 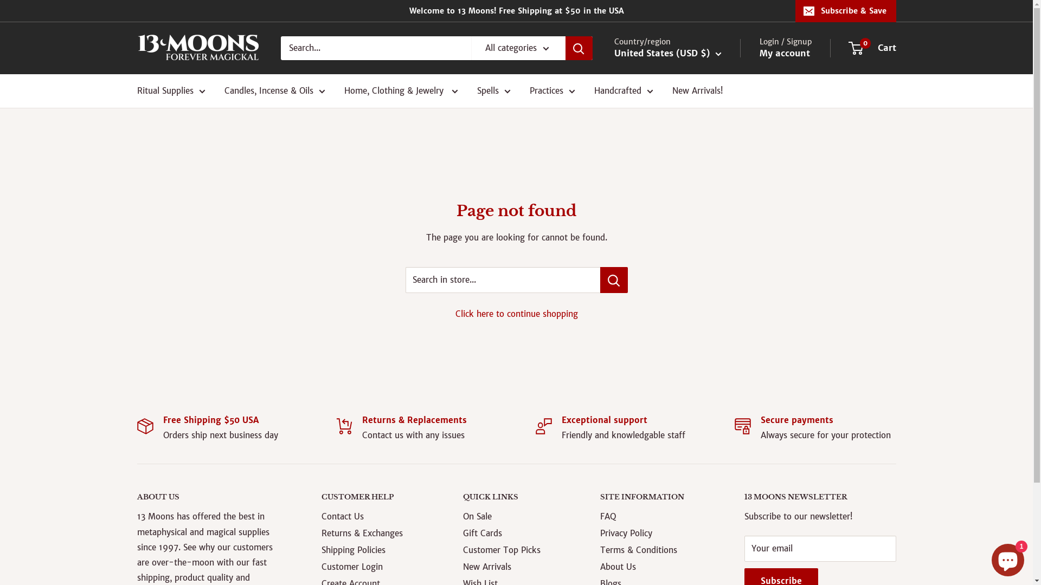 What do you see at coordinates (400, 90) in the screenshot?
I see `'Home, Clothing & Jewelry'` at bounding box center [400, 90].